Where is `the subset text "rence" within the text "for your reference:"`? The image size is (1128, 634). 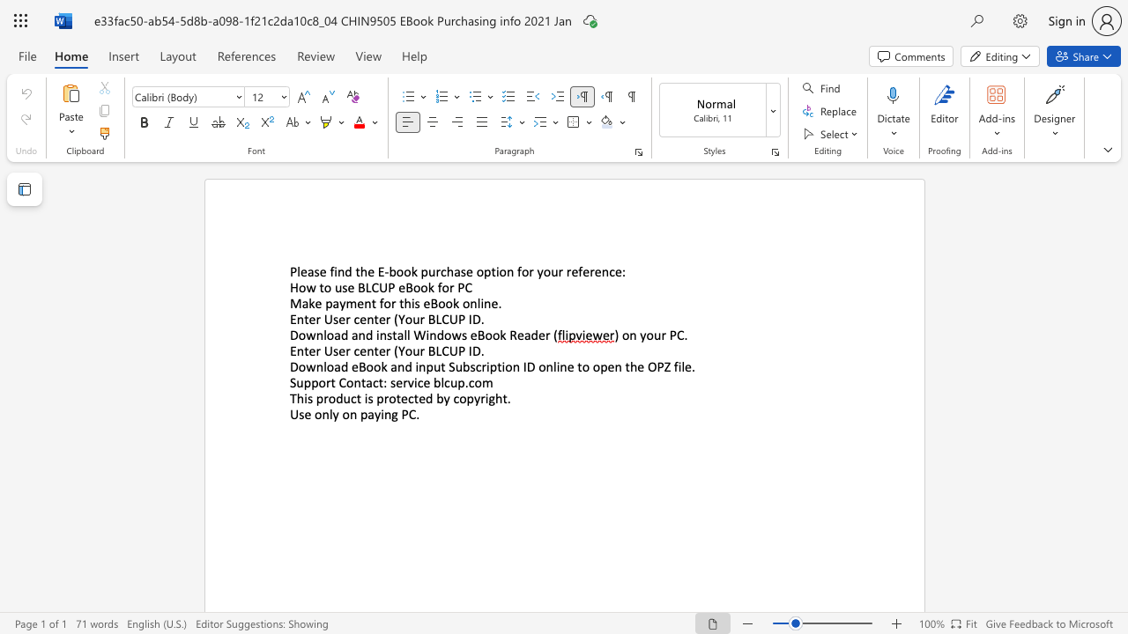 the subset text "rence" within the text "for your reference:" is located at coordinates (590, 271).